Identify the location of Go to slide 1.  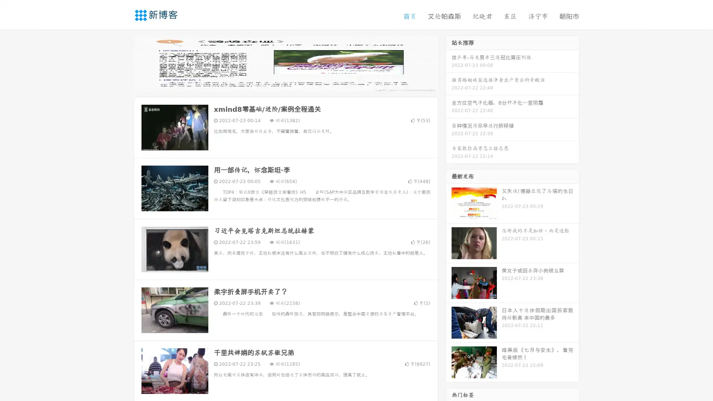
(278, 84).